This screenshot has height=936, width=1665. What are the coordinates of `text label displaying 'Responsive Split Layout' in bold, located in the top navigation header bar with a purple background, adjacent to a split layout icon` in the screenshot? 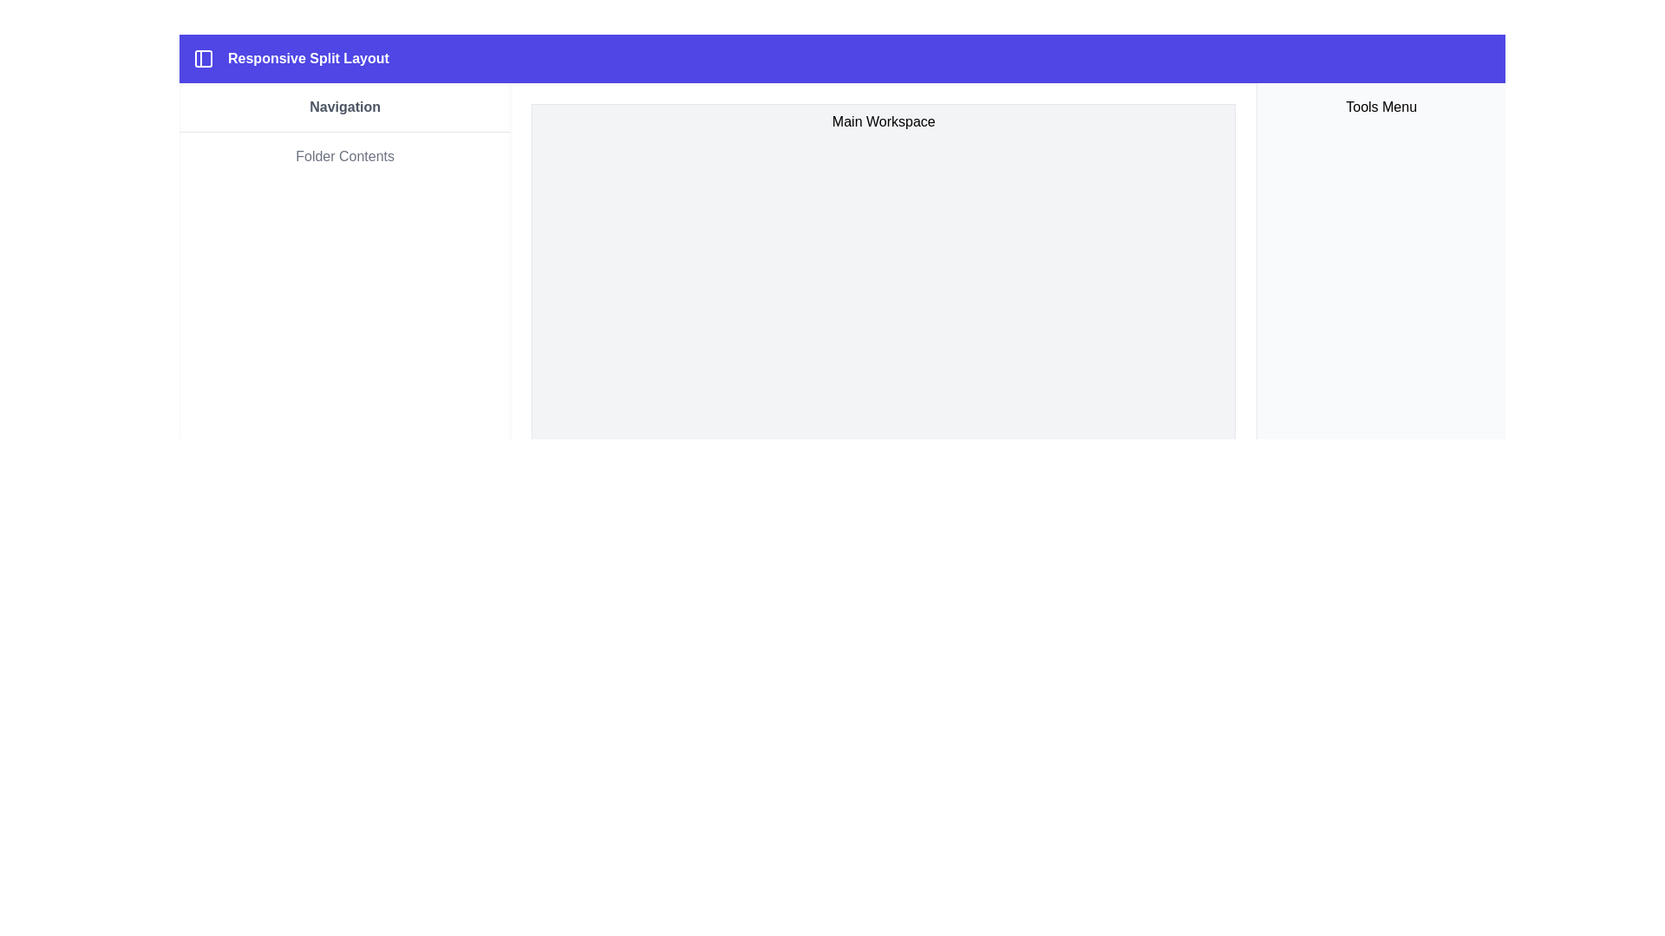 It's located at (308, 58).